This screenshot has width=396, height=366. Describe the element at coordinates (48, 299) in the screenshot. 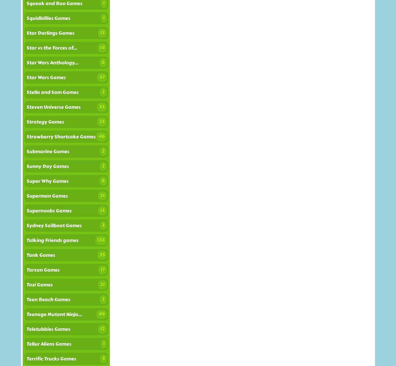

I see `'Teen Beach Games'` at that location.